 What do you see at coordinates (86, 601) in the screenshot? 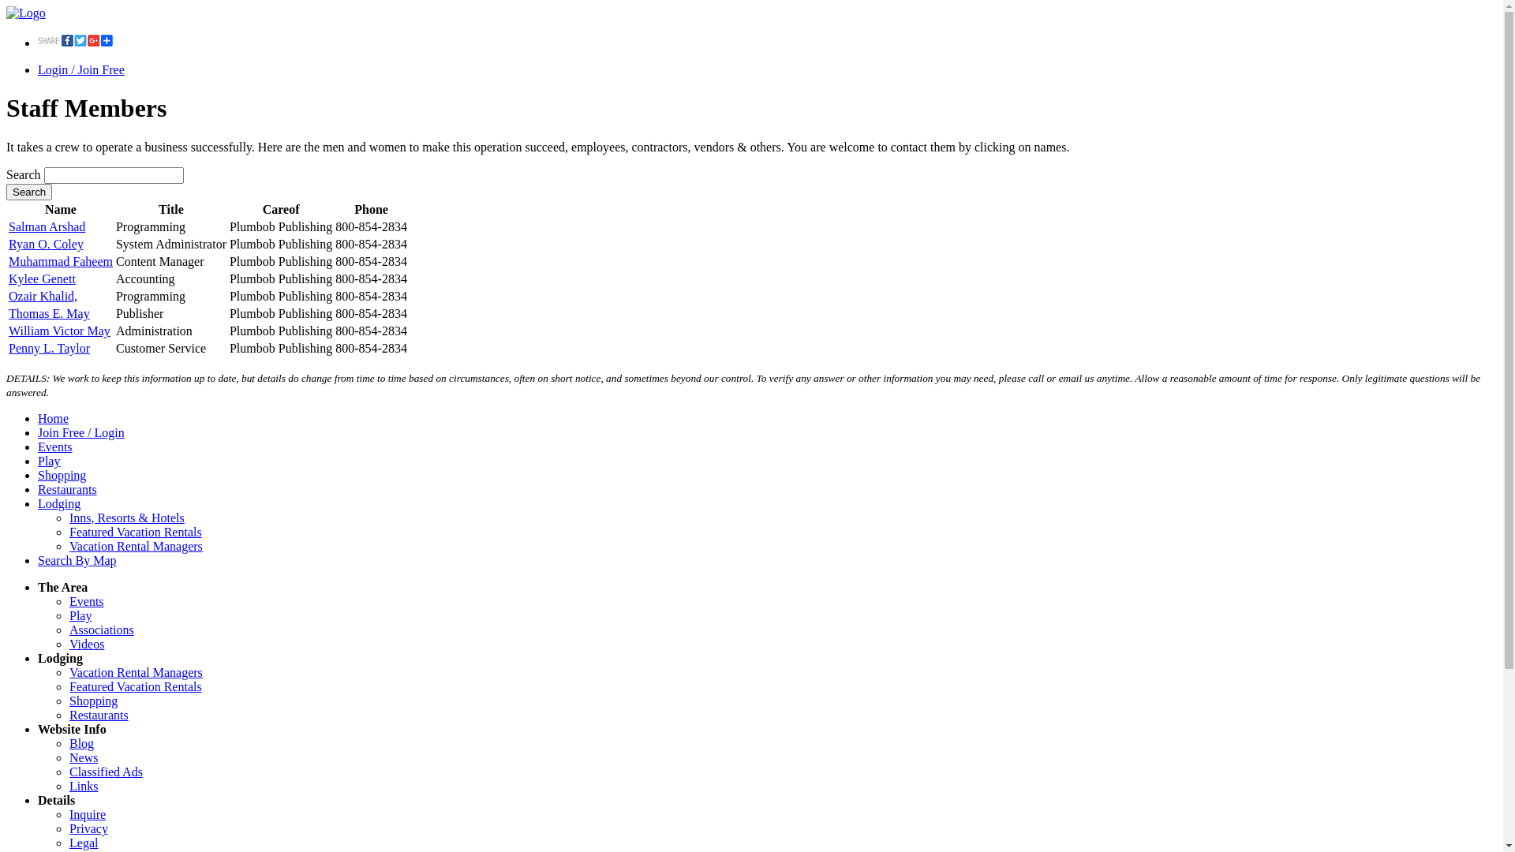
I see `'Events'` at bounding box center [86, 601].